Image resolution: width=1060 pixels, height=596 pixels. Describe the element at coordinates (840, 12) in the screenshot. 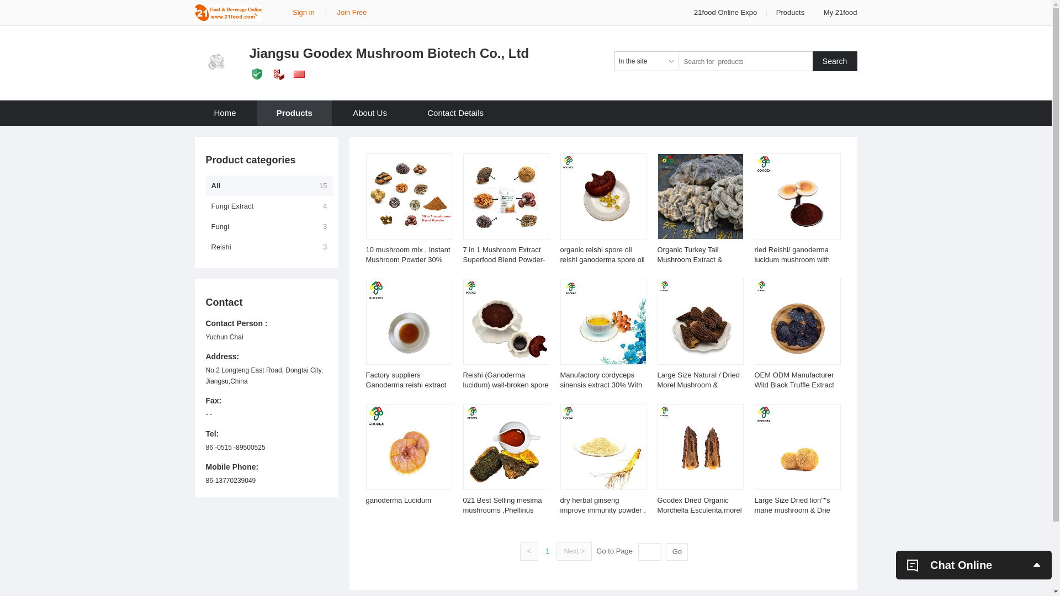

I see `'My 21food'` at that location.